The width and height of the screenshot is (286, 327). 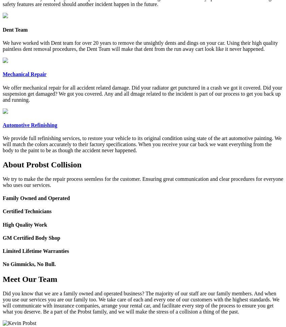 I want to click on 'Dent Team', so click(x=15, y=29).